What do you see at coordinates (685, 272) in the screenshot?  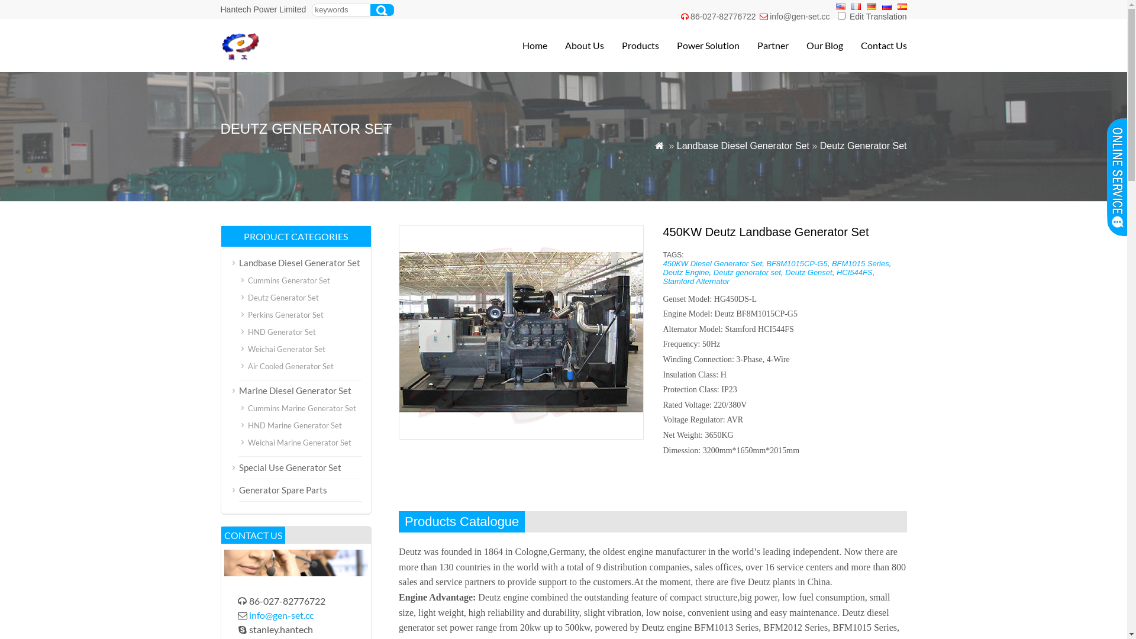 I see `'Deutz Engine'` at bounding box center [685, 272].